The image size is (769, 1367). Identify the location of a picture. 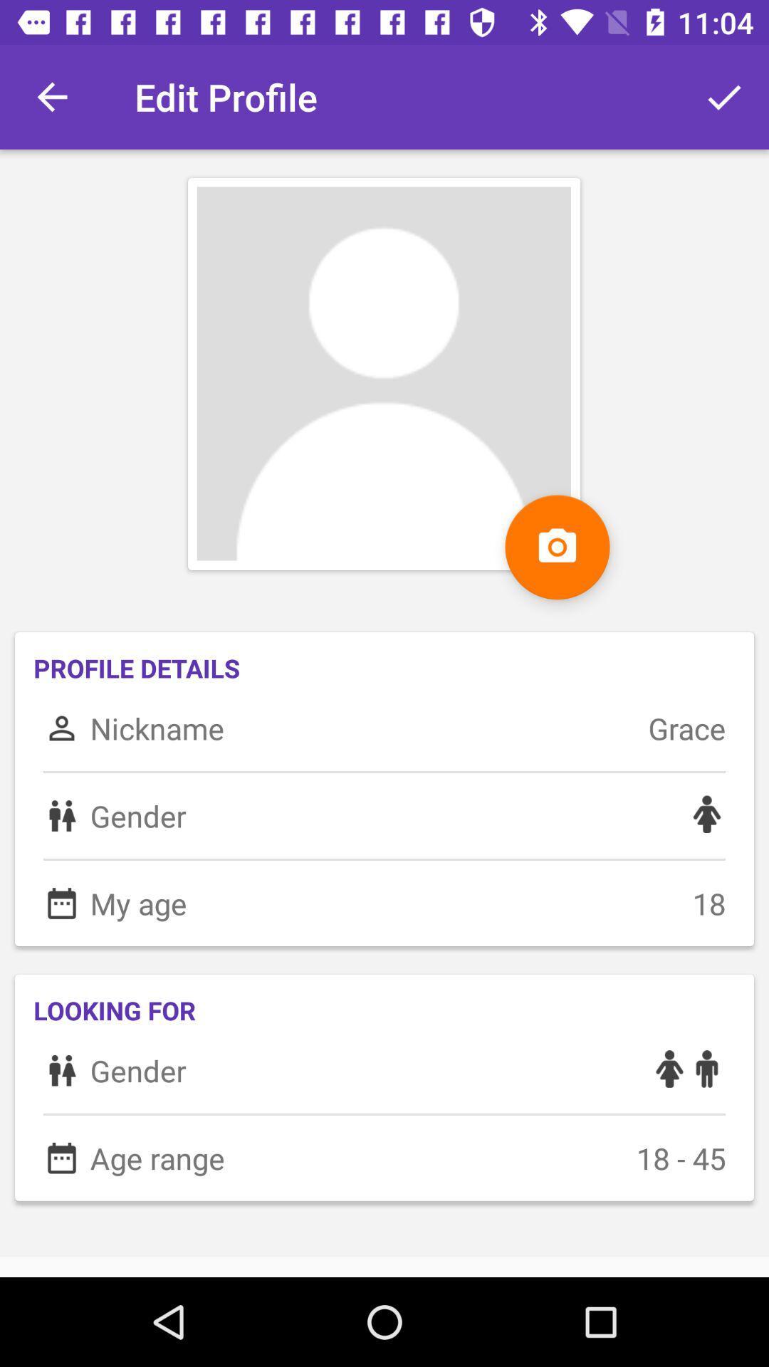
(557, 546).